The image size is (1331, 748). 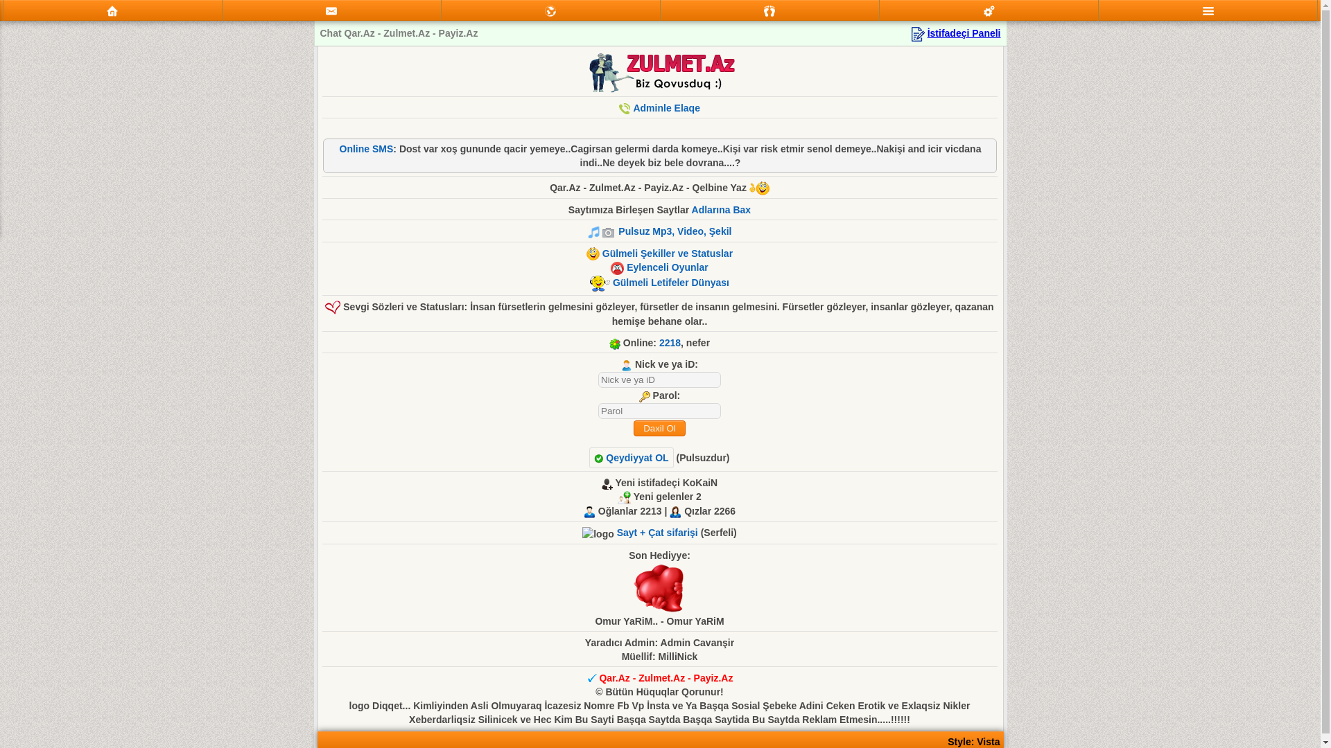 What do you see at coordinates (973, 741) in the screenshot?
I see `'Style: Vista'` at bounding box center [973, 741].